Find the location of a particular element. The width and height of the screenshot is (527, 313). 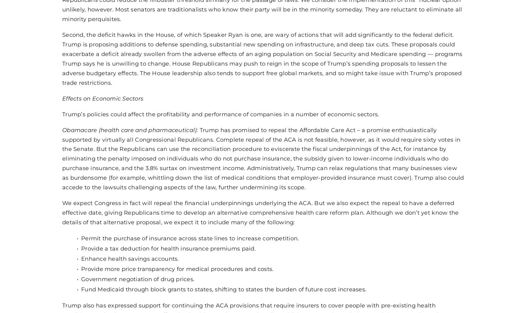

'We expect Congress in fact will repeal the financial underpinnings underlying the ACA. But we also expect the repeal to have a deferred effective date, giving Republicans time to develop an alternative comprehensive health care reform plan. Although we don’t yet know the details of that alternative proposal, we expect it to include many of the following:' is located at coordinates (260, 212).